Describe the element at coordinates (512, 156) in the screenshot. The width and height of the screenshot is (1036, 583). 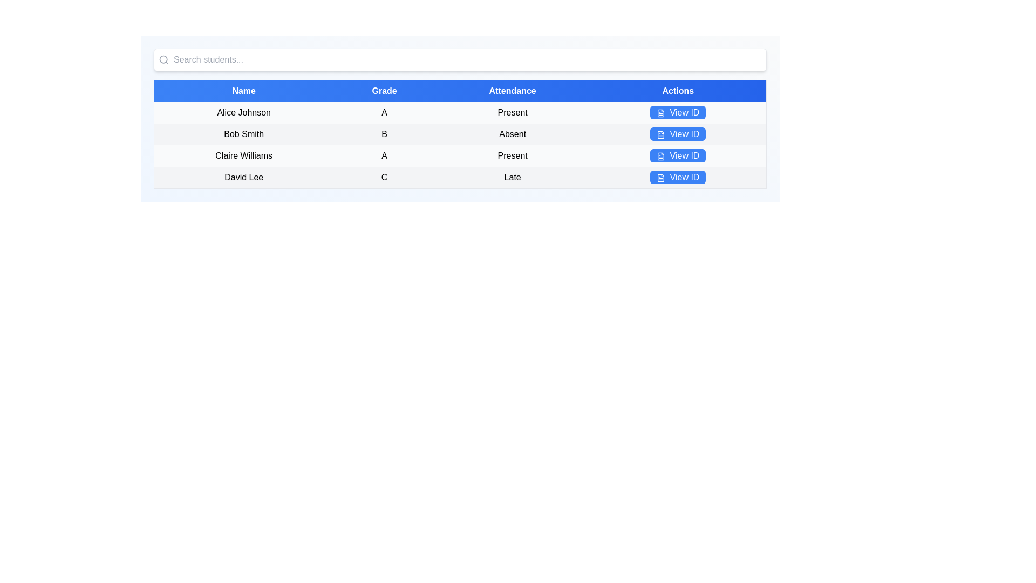
I see `the read-only text label indicating the attendance status for 'Claire Williams', which displays 'Present' in the third cell of the 'Attendance' column in the table` at that location.